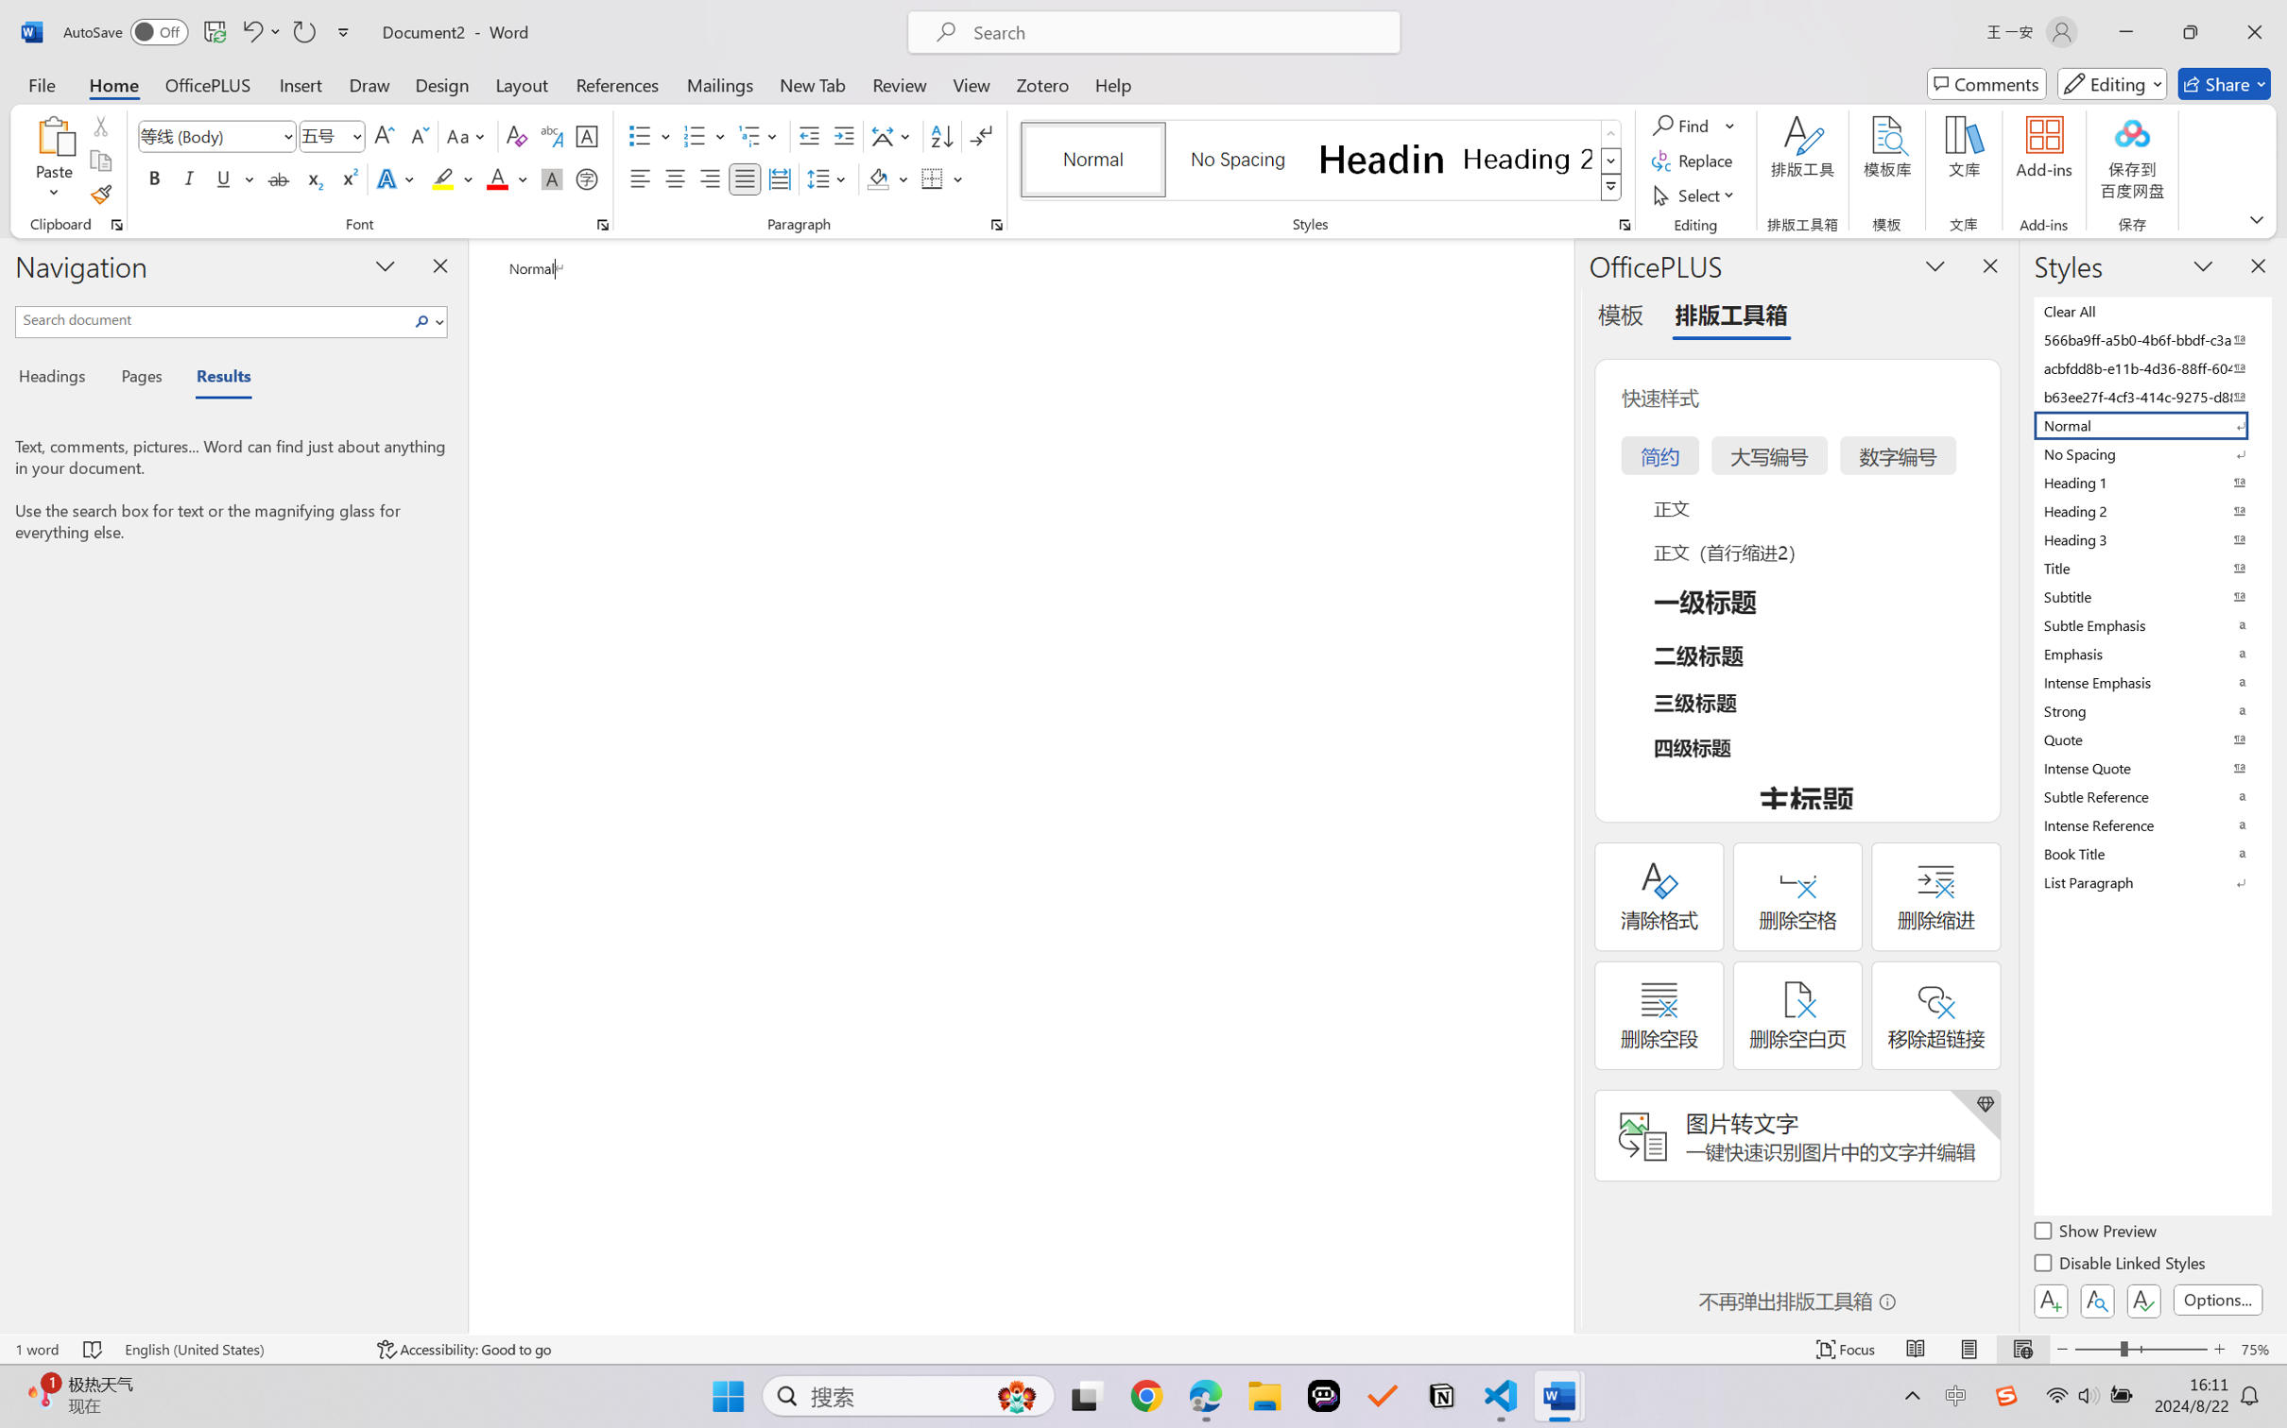  I want to click on 'Intense Quote', so click(2150, 768).